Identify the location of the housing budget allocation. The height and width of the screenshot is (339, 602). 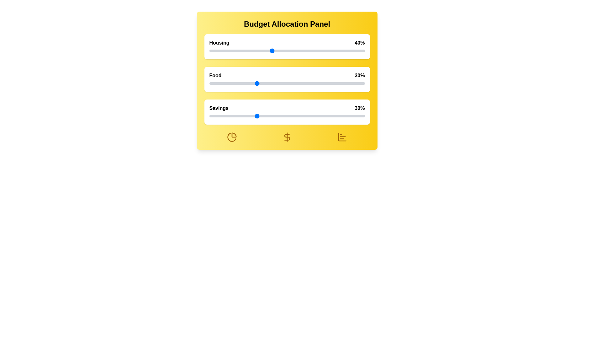
(316, 51).